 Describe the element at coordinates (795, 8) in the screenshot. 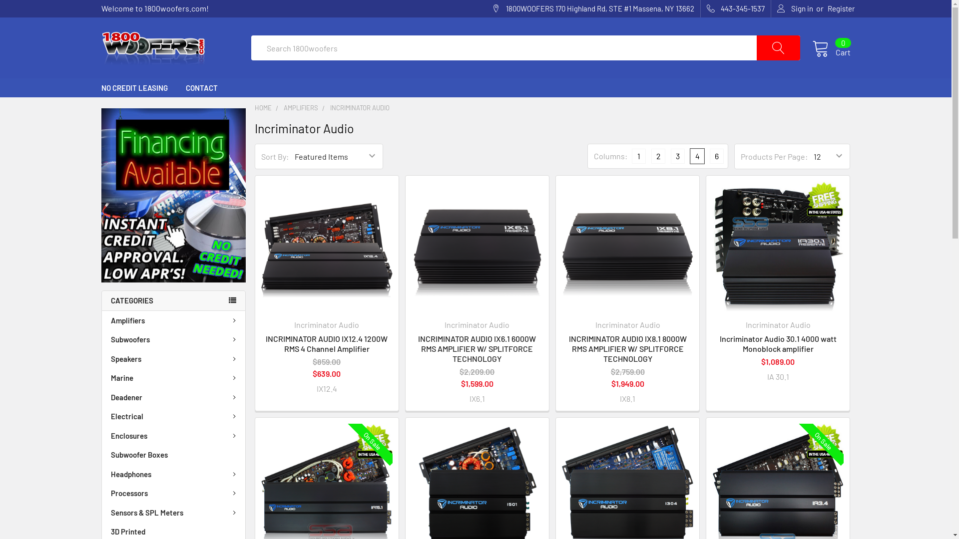

I see `'Sign in'` at that location.